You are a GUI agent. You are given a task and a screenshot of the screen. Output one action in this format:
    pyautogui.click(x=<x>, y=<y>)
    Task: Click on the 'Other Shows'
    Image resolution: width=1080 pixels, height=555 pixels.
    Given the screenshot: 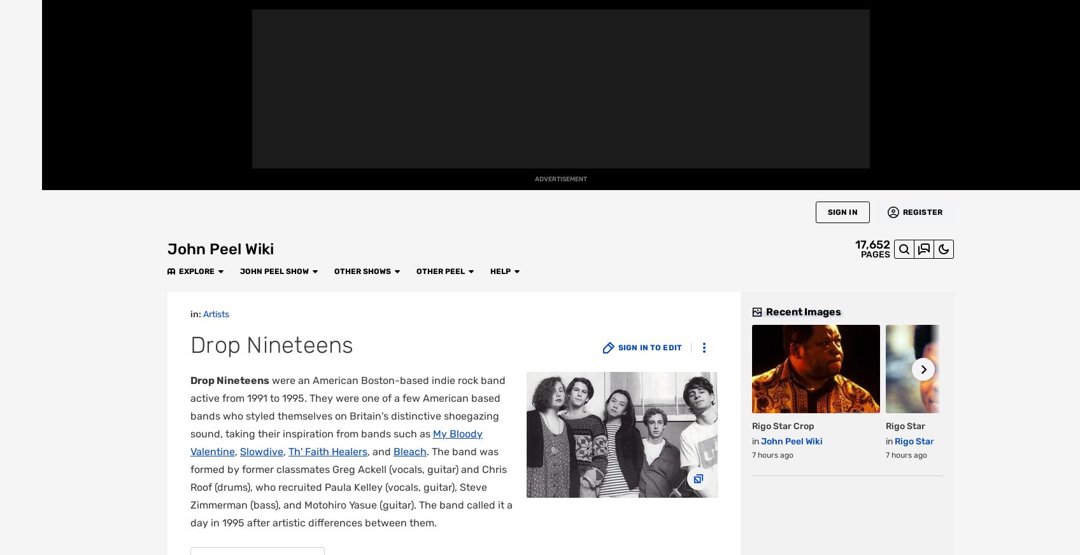 What is the action you would take?
    pyautogui.click(x=332, y=13)
    